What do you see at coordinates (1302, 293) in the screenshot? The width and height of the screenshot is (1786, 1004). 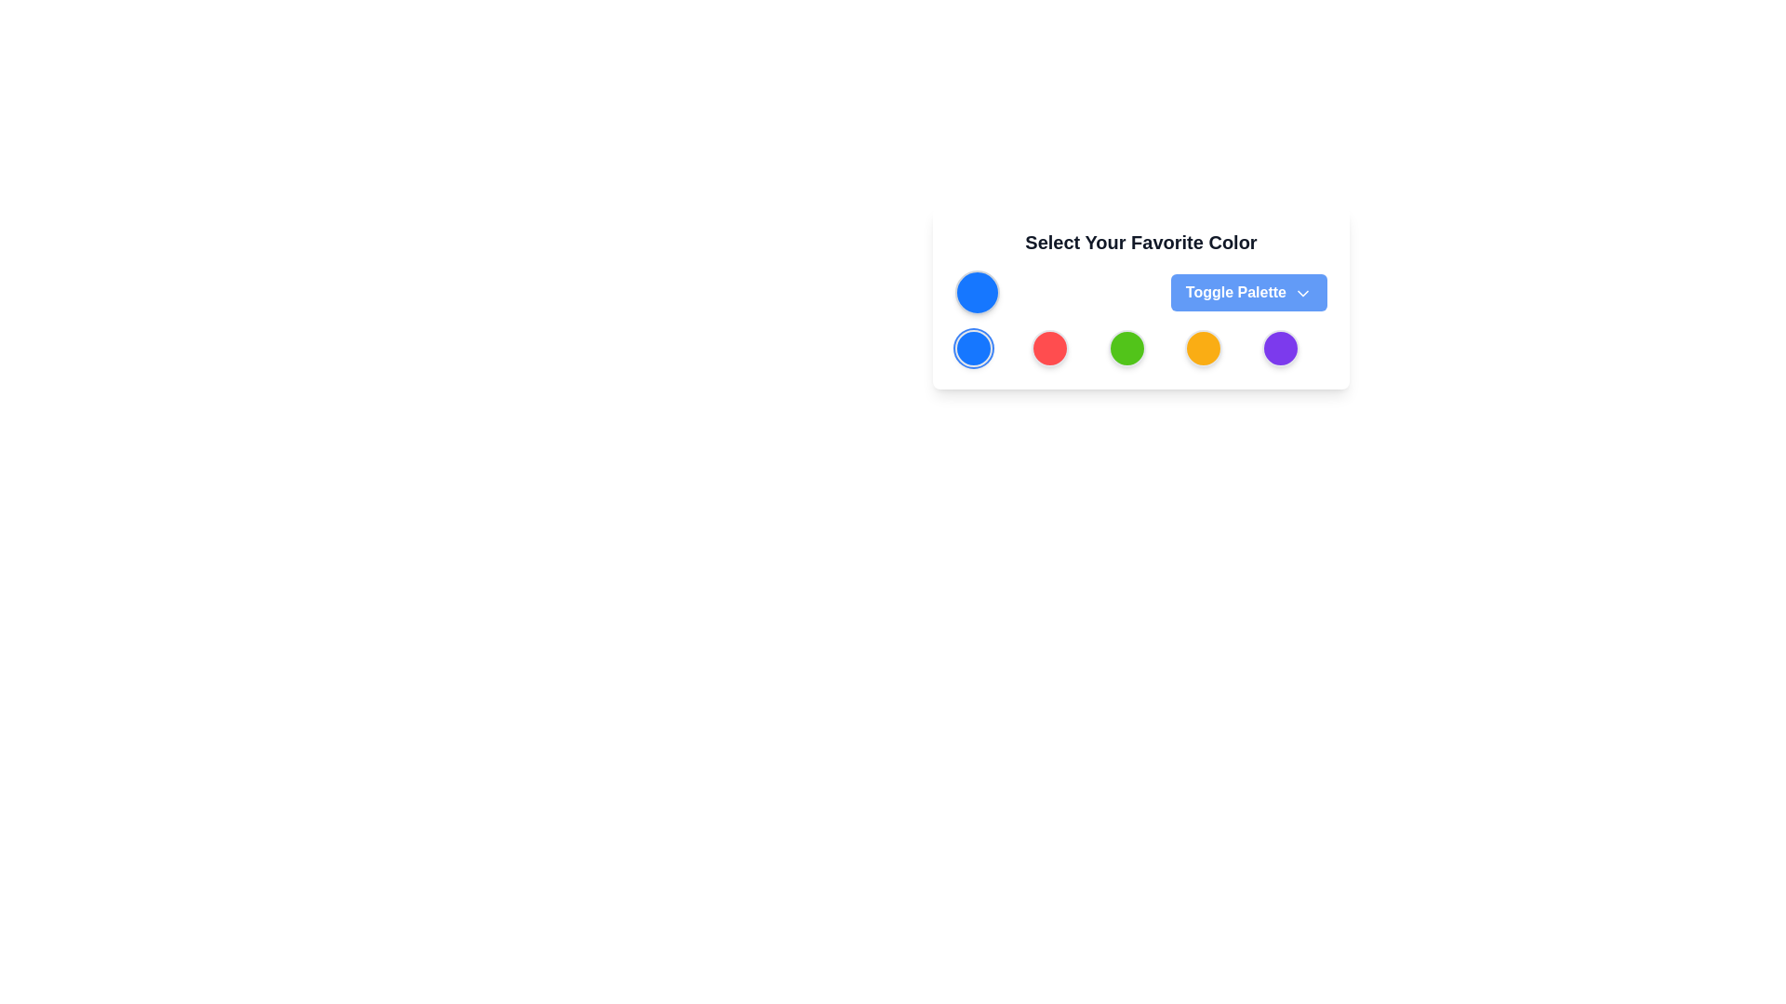 I see `the downward-pointing chevron icon within the 'Toggle Palette' button, which is styled in white against a blue background` at bounding box center [1302, 293].